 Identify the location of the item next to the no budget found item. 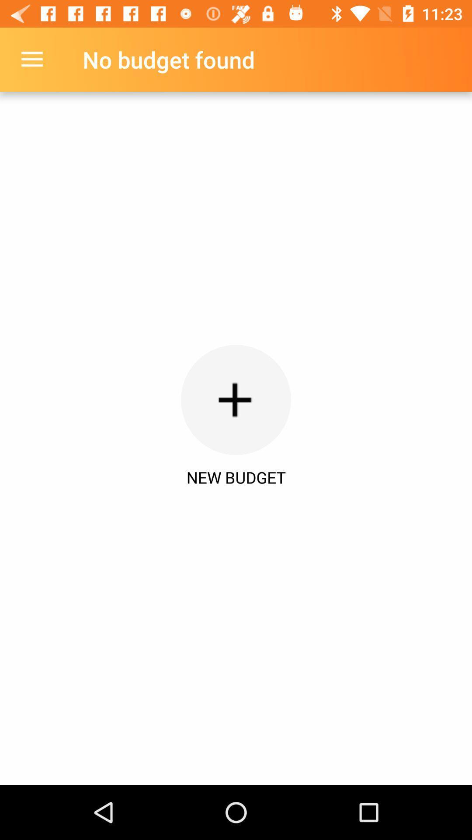
(31, 59).